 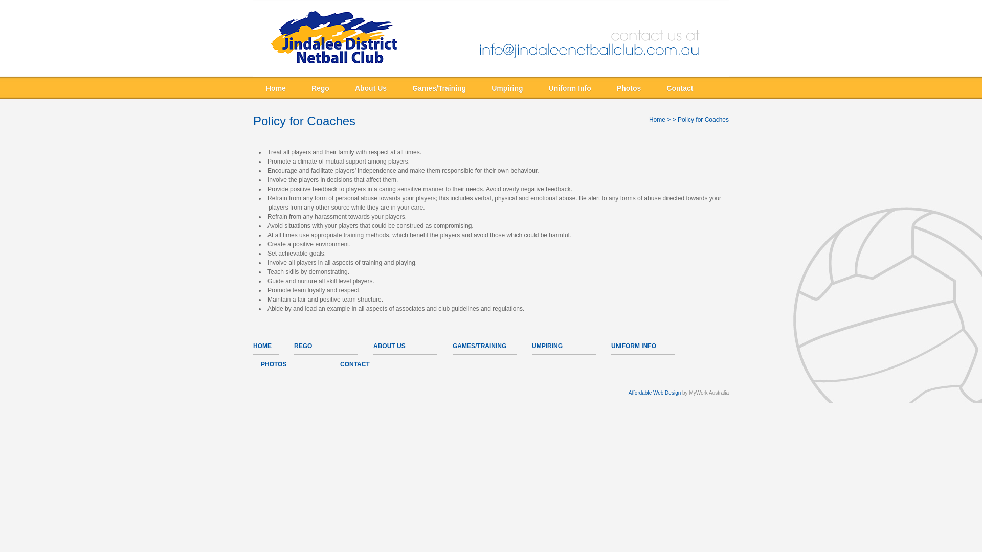 I want to click on 'Uniform Info', so click(x=569, y=88).